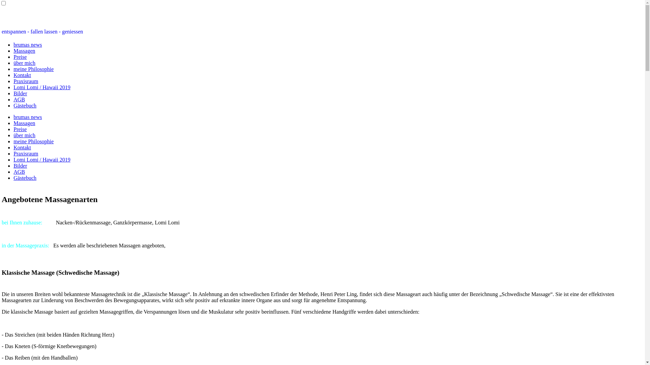 This screenshot has width=650, height=365. Describe the element at coordinates (33, 141) in the screenshot. I see `'meine Philosophie'` at that location.